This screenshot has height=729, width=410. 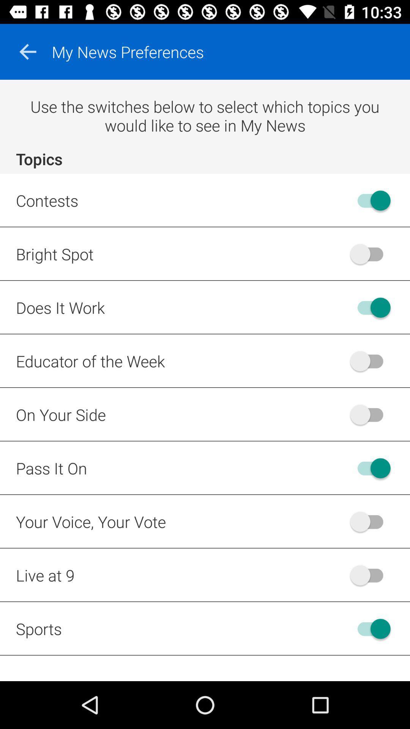 I want to click on educator of the week, so click(x=370, y=360).